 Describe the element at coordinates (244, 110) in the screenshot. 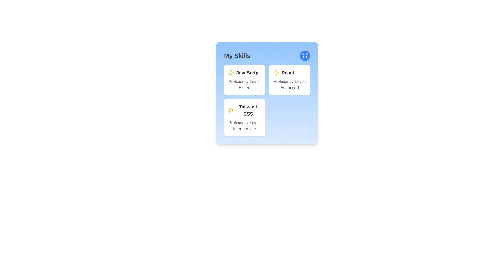

I see `the label indicating the skill 'Tailwind CSS' located in the bottom-left card of the 'My Skills' panel, positioned above the 'Proficiency Level: Intermediate' text and to the right of the star icon` at that location.